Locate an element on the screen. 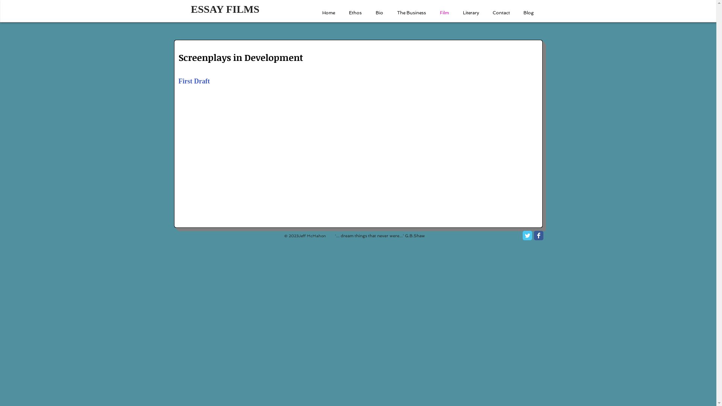  'Ethos' is located at coordinates (354, 13).